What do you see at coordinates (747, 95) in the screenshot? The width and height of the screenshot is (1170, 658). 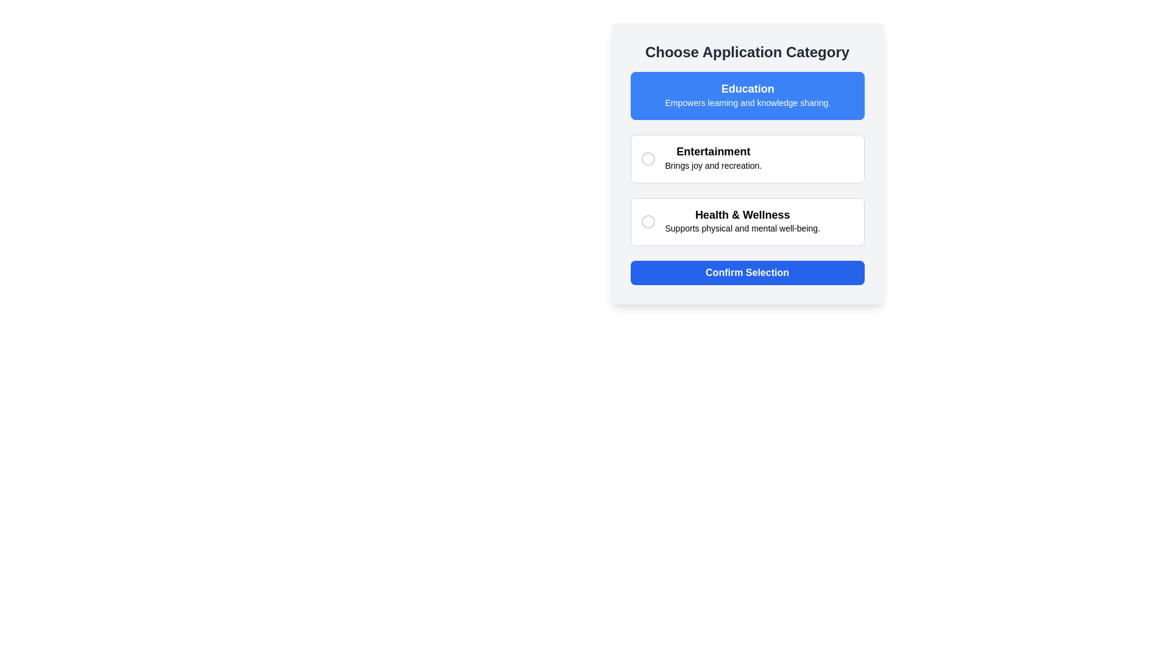 I see `the selectable text label representing the 'Education' category in the application categories list` at bounding box center [747, 95].